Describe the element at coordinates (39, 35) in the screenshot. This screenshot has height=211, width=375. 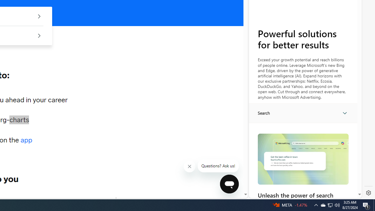
I see `'See group offers'` at that location.